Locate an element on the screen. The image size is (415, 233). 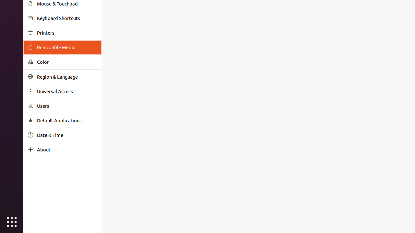
'Region & Language' is located at coordinates (67, 76).